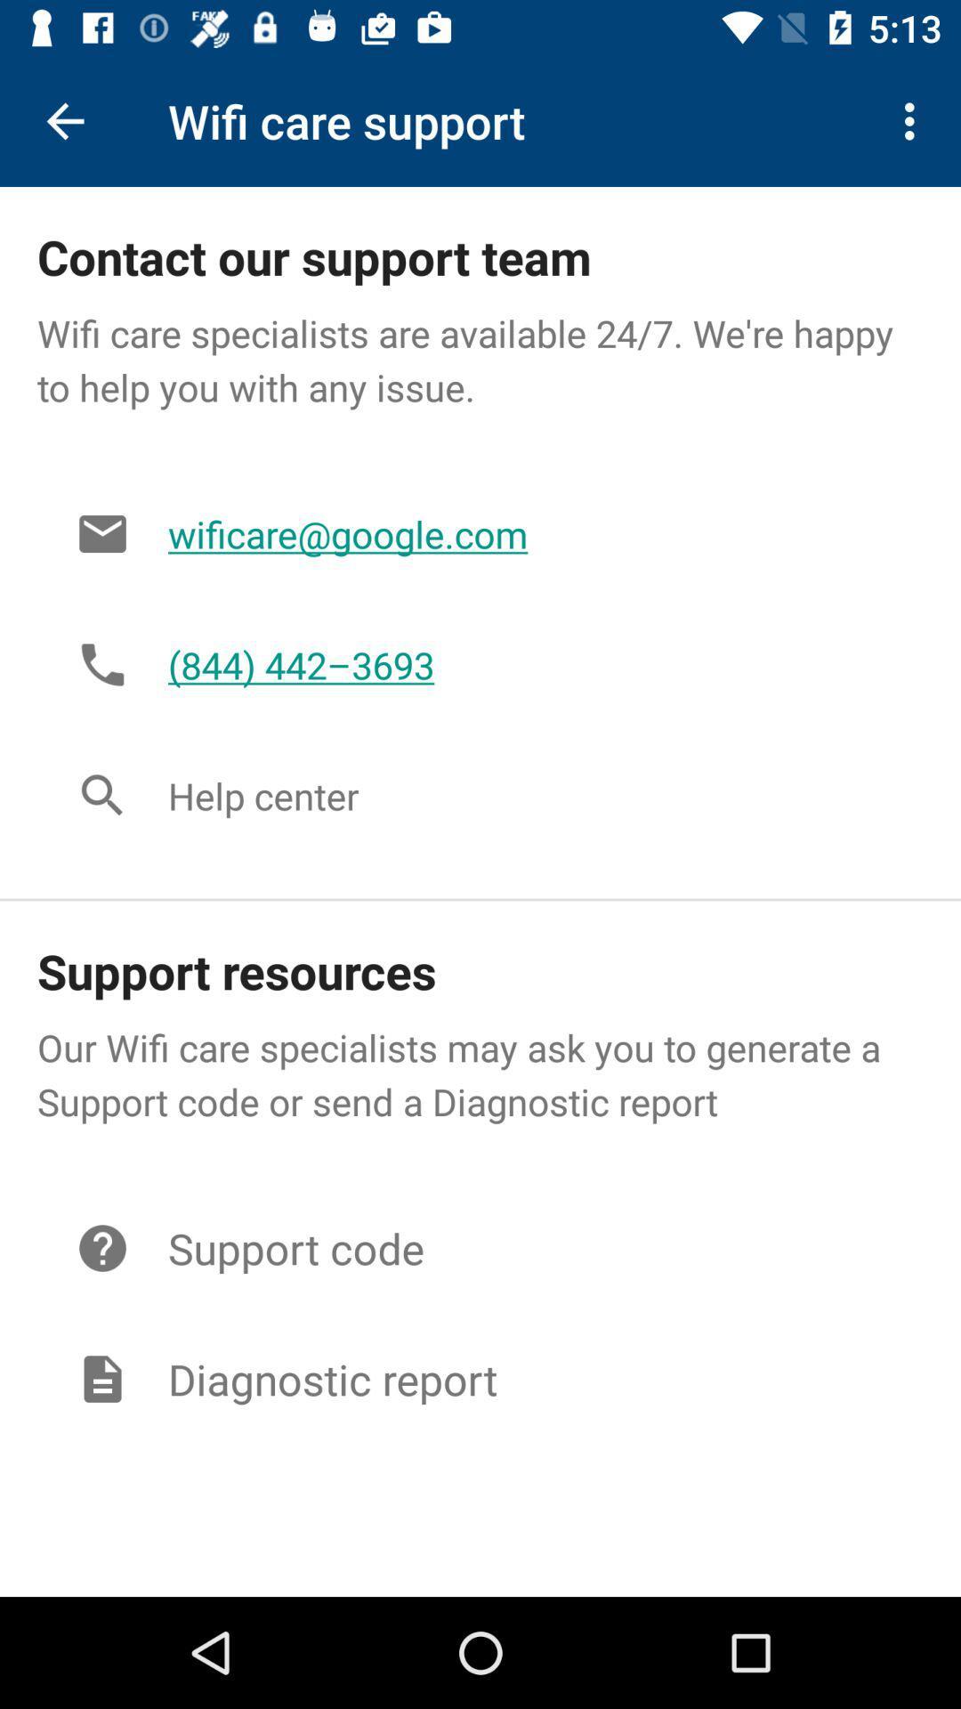  Describe the element at coordinates (64, 120) in the screenshot. I see `icon to the left of the wifi care support icon` at that location.